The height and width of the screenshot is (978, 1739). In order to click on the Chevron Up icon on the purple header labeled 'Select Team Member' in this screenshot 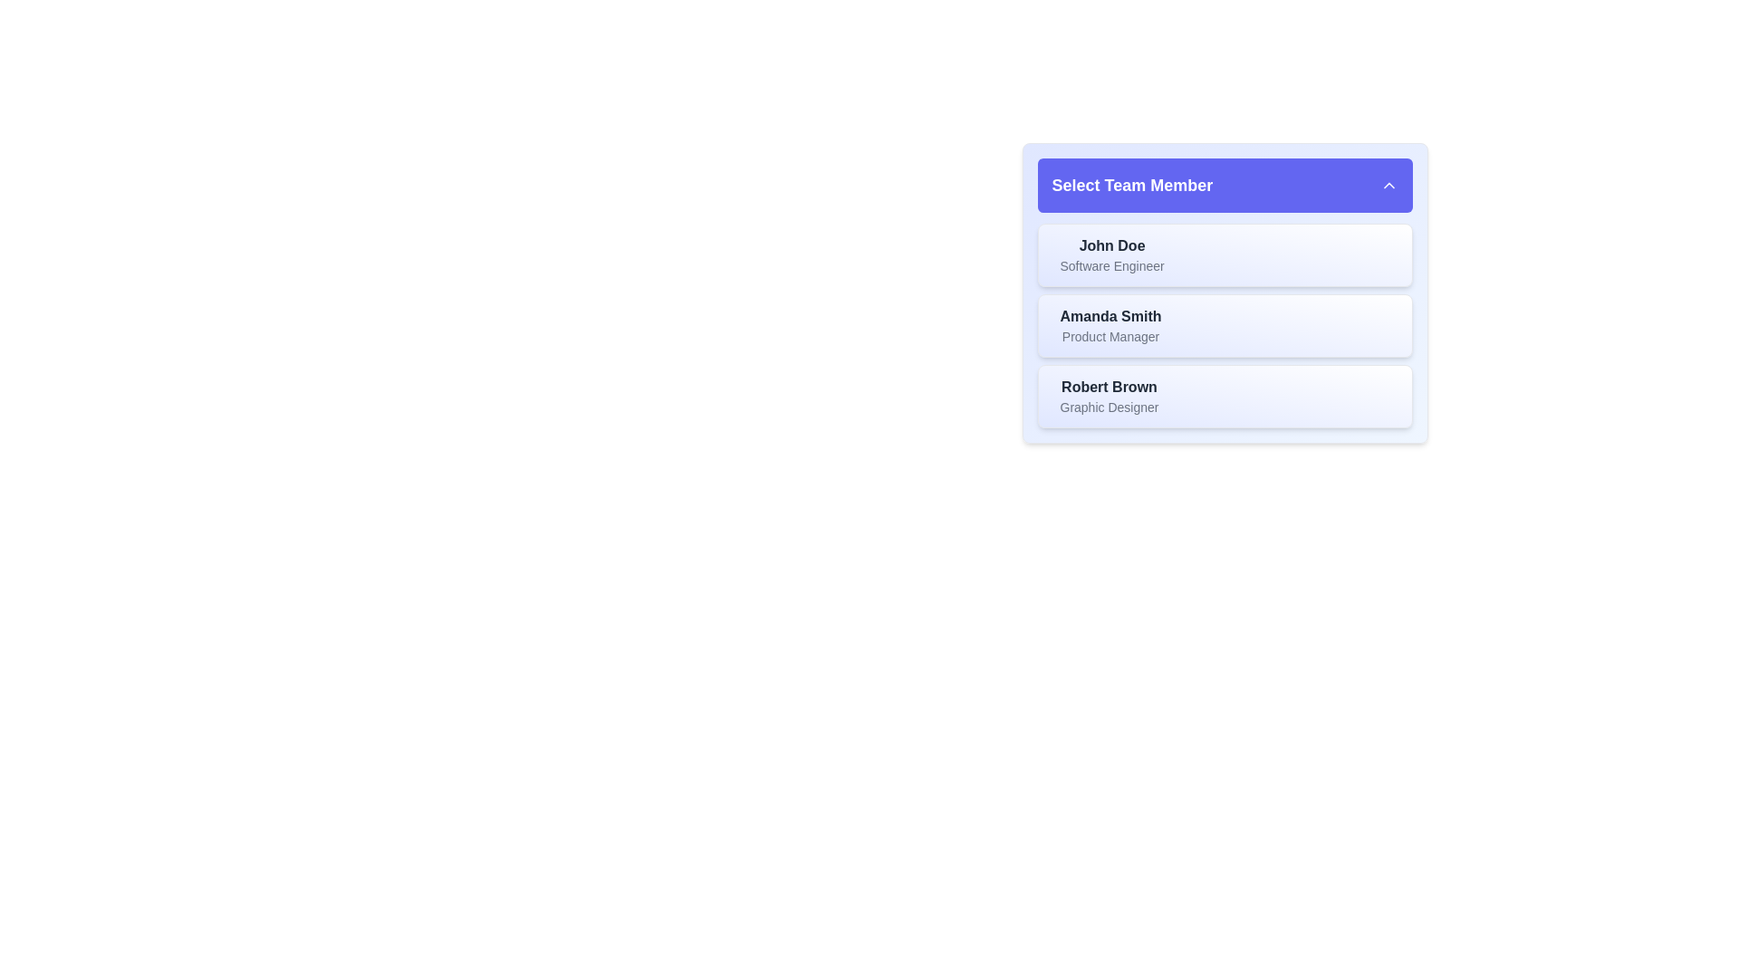, I will do `click(1388, 185)`.